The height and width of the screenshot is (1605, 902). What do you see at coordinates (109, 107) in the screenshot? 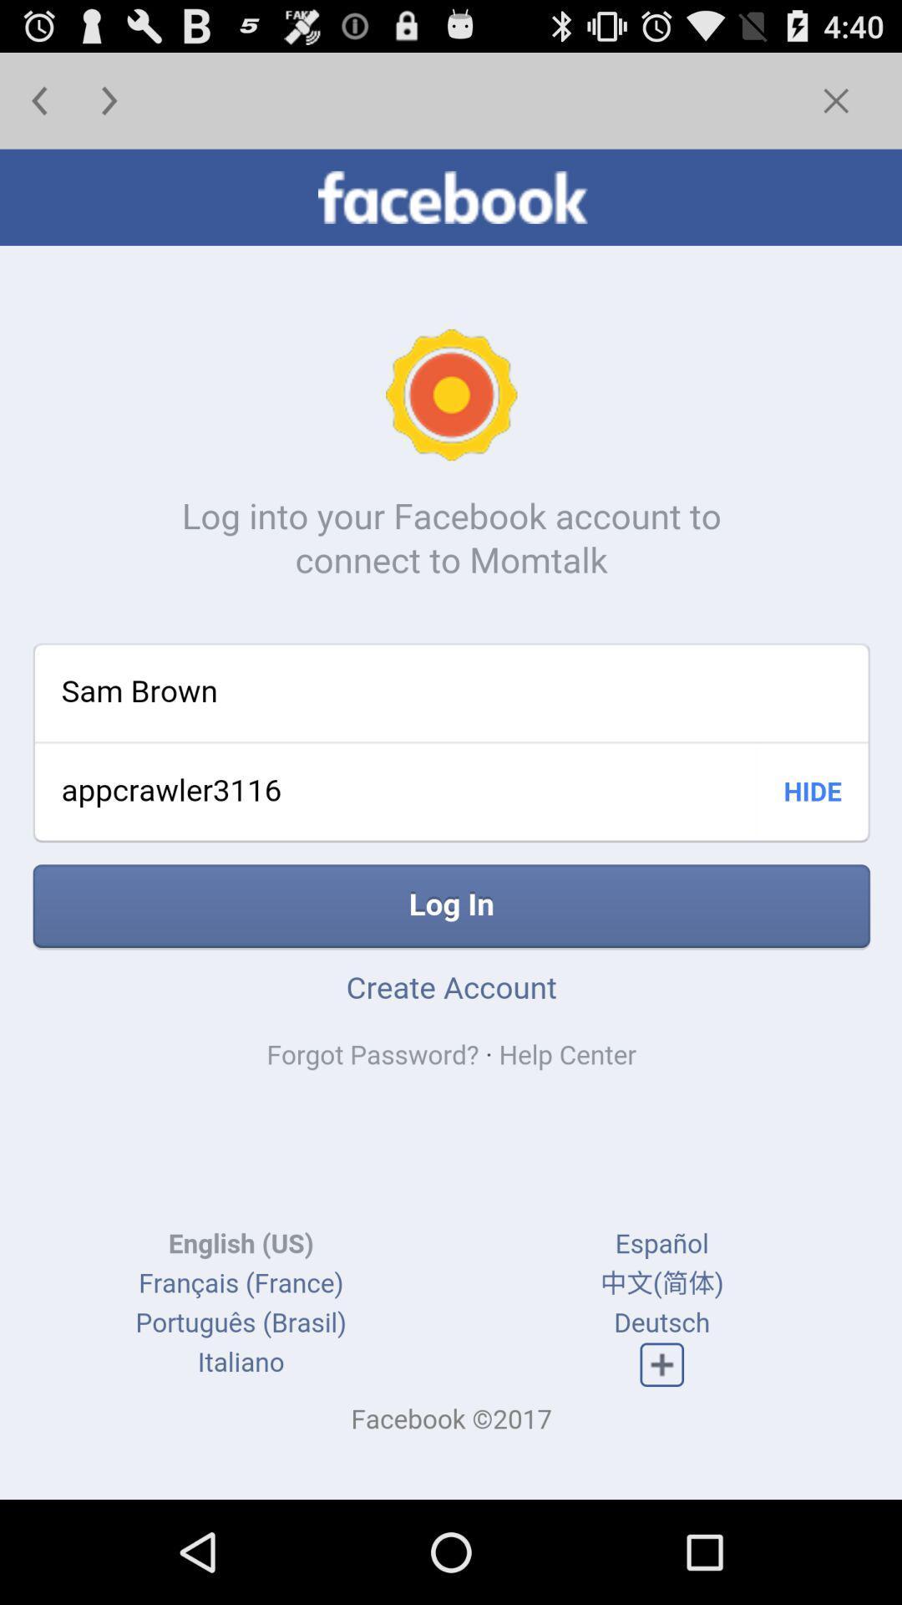
I see `the arrow_forward icon` at bounding box center [109, 107].